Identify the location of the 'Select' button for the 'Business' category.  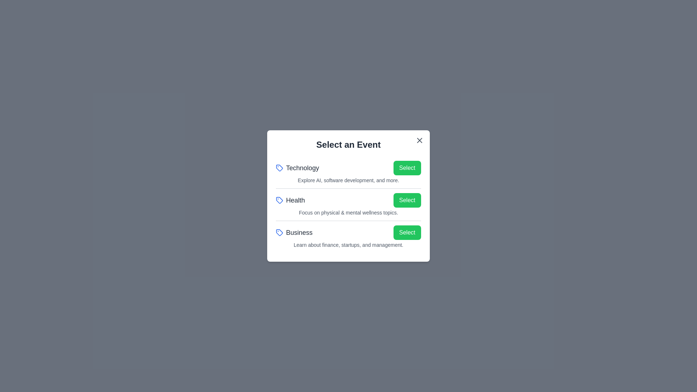
(407, 232).